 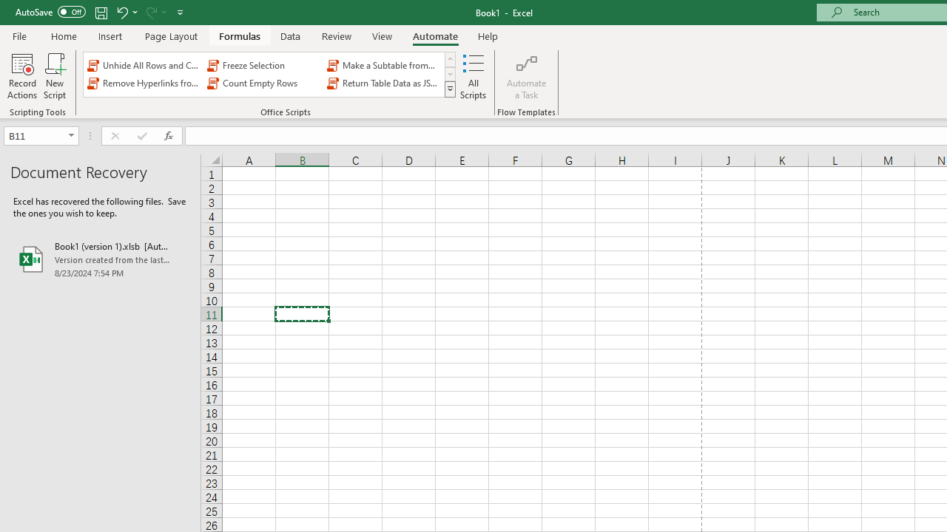 What do you see at coordinates (449, 89) in the screenshot?
I see `'Office Scripts'` at bounding box center [449, 89].